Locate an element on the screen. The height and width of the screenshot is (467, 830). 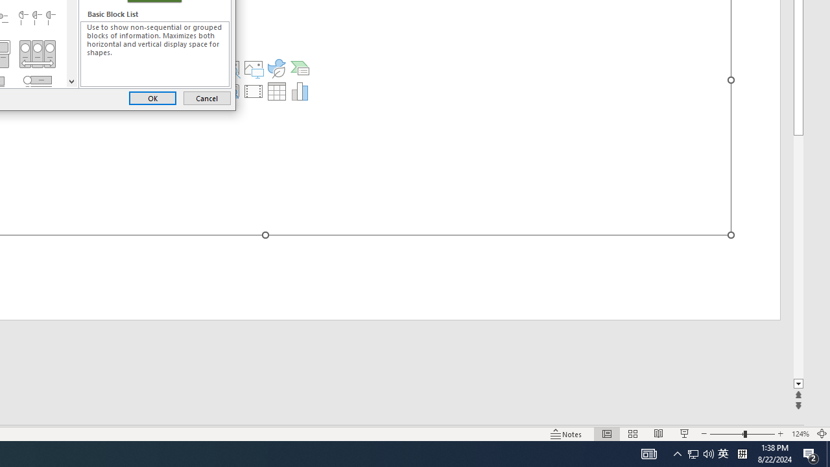
'User Promoted Notification Area' is located at coordinates (700, 453).